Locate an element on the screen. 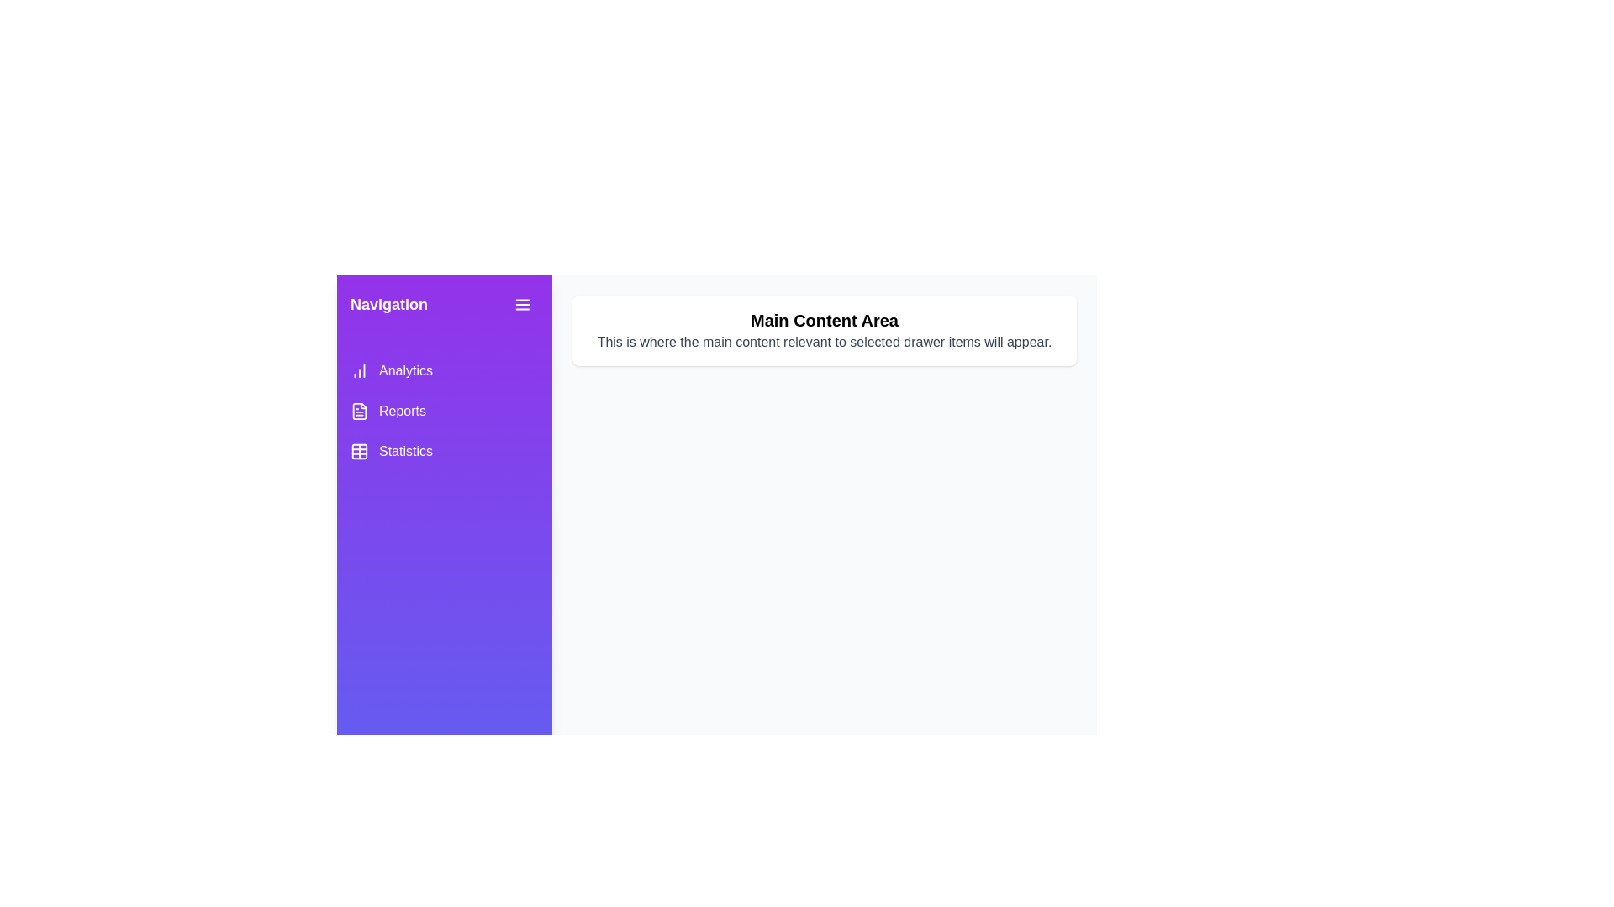 The image size is (1614, 907). the 'Statistics' menu item to navigate to the 'Statistics' section is located at coordinates (444, 450).